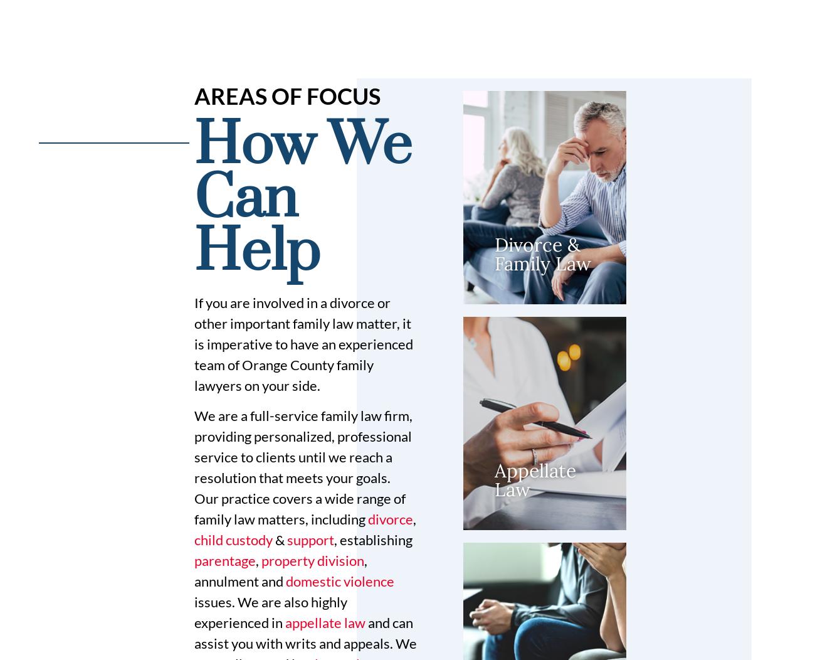  Describe the element at coordinates (493, 253) in the screenshot. I see `'Divorce & Family Law'` at that location.